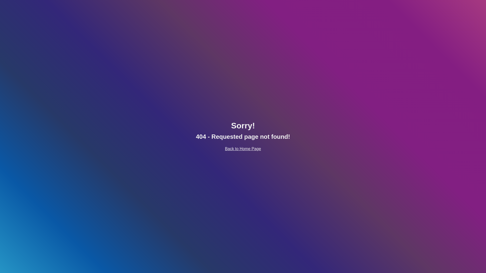 This screenshot has width=486, height=273. I want to click on 'Back to Home Page', so click(225, 148).